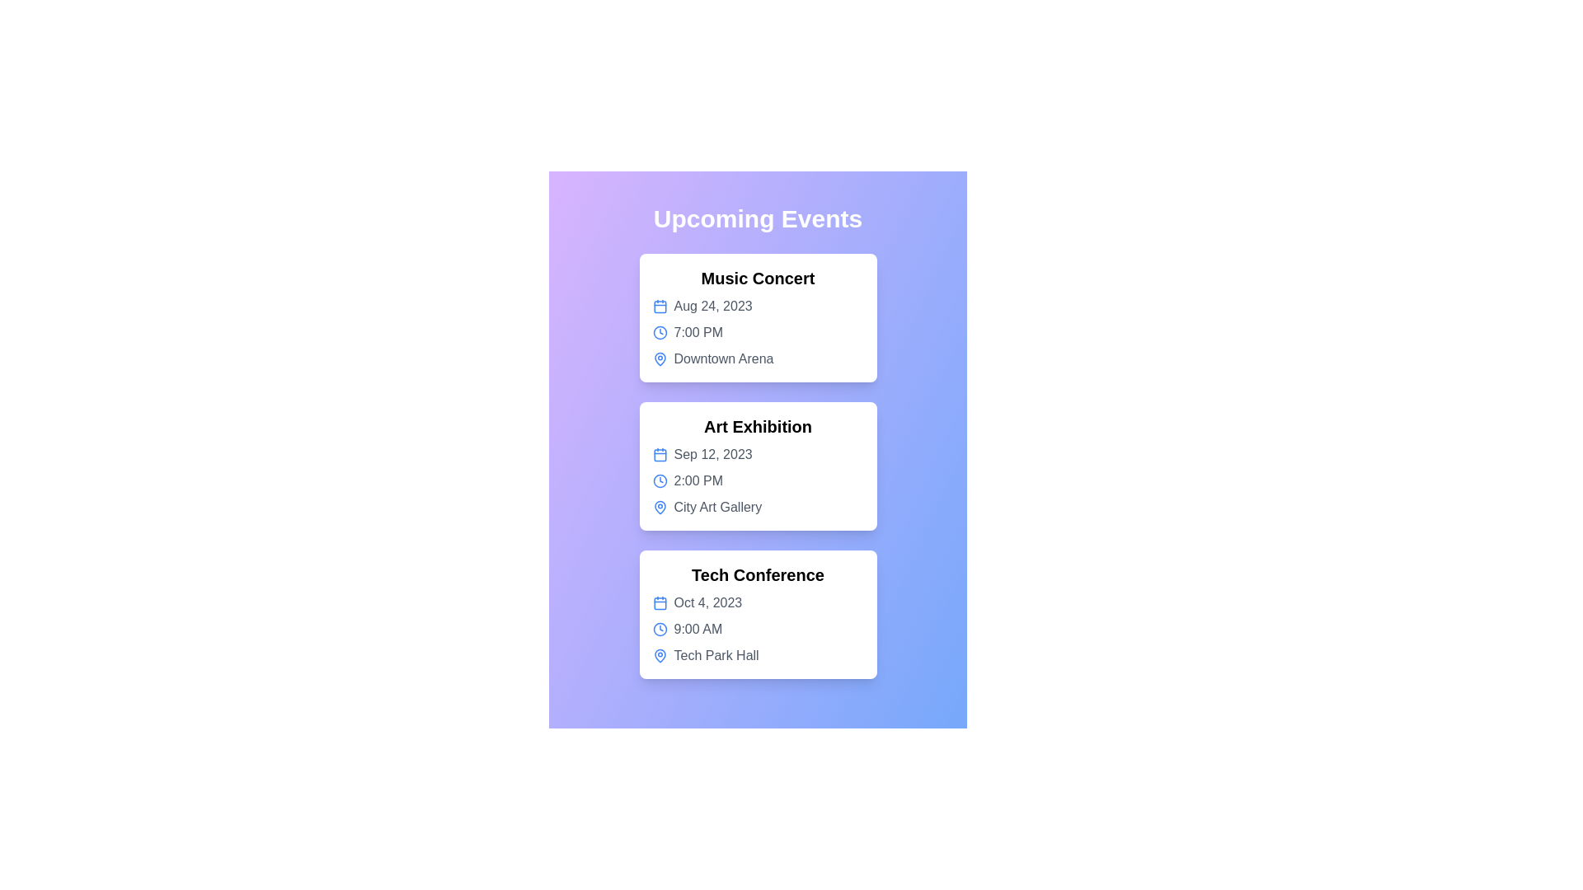  What do you see at coordinates (660, 654) in the screenshot?
I see `the blue pin-shaped icon representing a location, located to the left of the text 'Tech Park Hall' in the 'Tech Conference' card` at bounding box center [660, 654].